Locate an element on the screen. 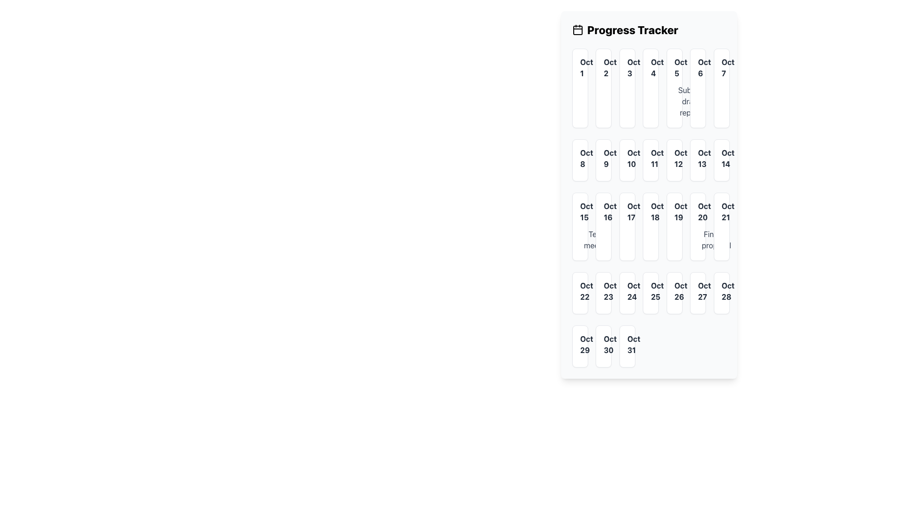 This screenshot has height=505, width=897. the static label UI component displaying the date 'Oct 26', which is located in the sixth column of the fourth row in the 'Progress Tracker' grid layout is located at coordinates (674, 293).